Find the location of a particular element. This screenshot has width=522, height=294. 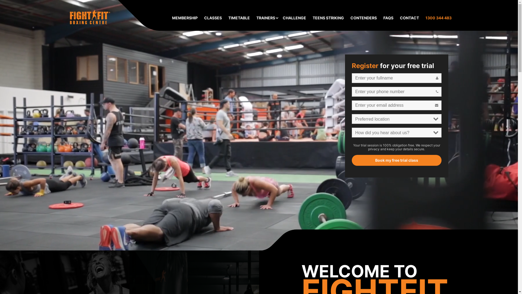

'1300 344 483' is located at coordinates (438, 17).